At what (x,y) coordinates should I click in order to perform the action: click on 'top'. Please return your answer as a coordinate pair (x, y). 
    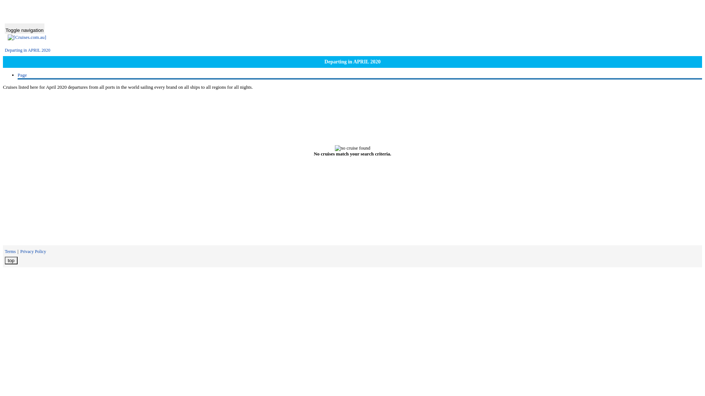
    Looking at the image, I should click on (5, 260).